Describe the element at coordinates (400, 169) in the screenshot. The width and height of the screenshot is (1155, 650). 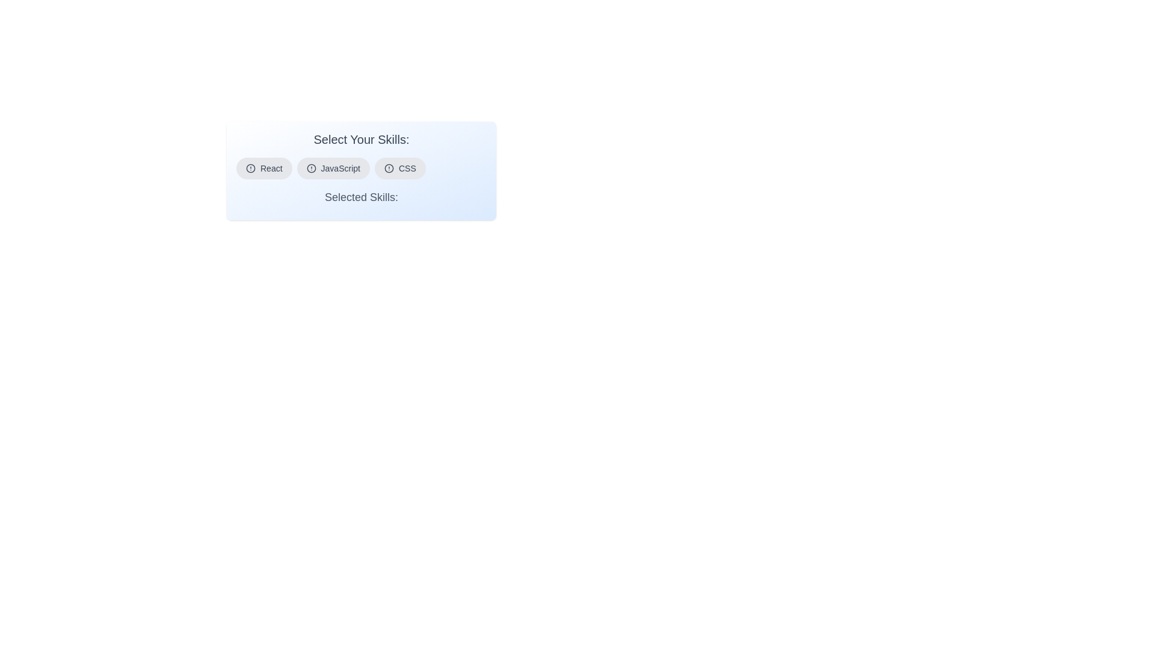
I see `the skill chip labeled CSS` at that location.